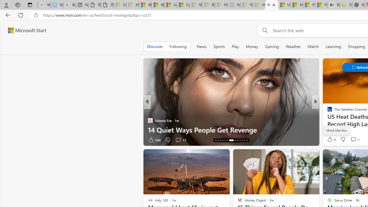  I want to click on '4 Like', so click(331, 139).